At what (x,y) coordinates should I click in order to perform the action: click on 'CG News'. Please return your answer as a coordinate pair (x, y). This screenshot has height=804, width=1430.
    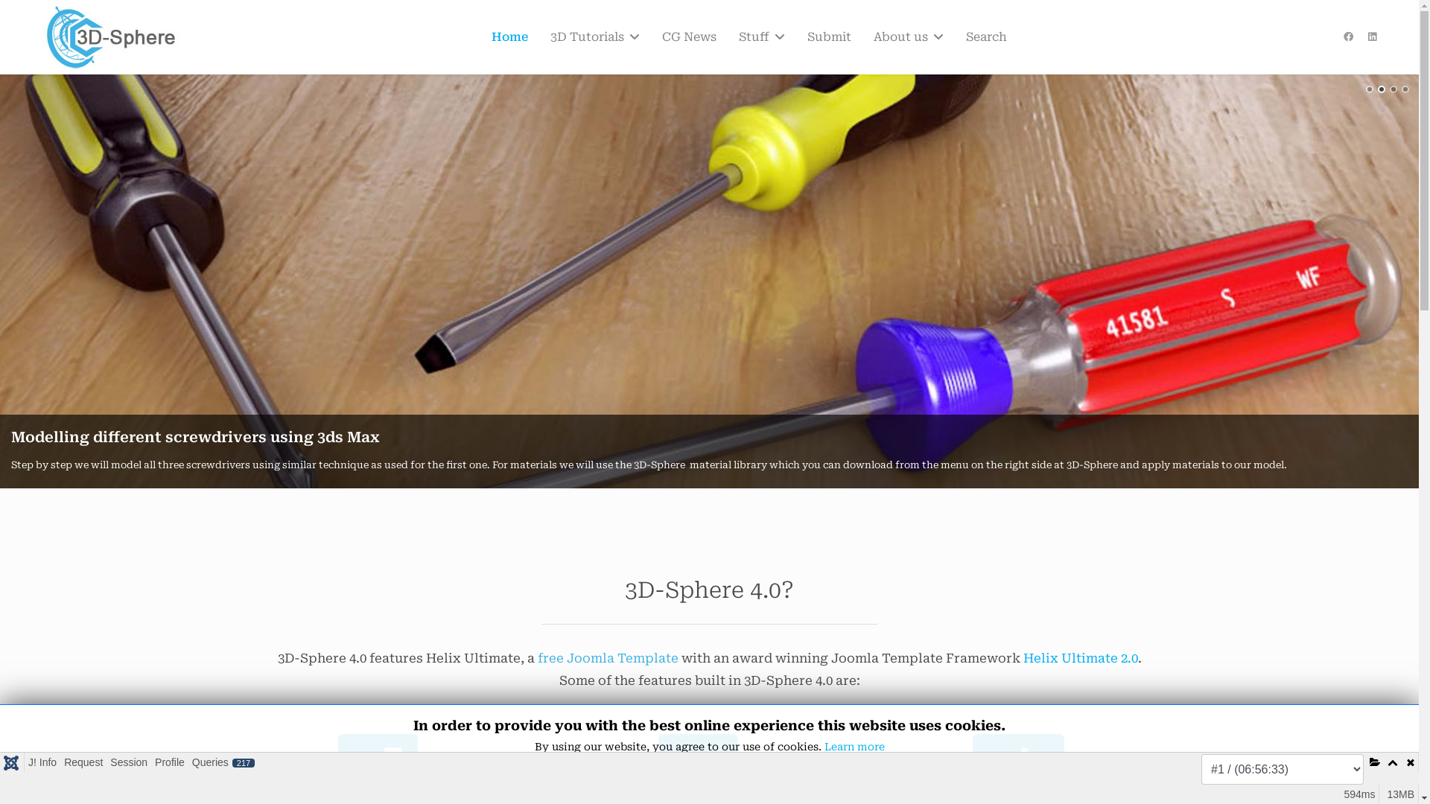
    Looking at the image, I should click on (688, 36).